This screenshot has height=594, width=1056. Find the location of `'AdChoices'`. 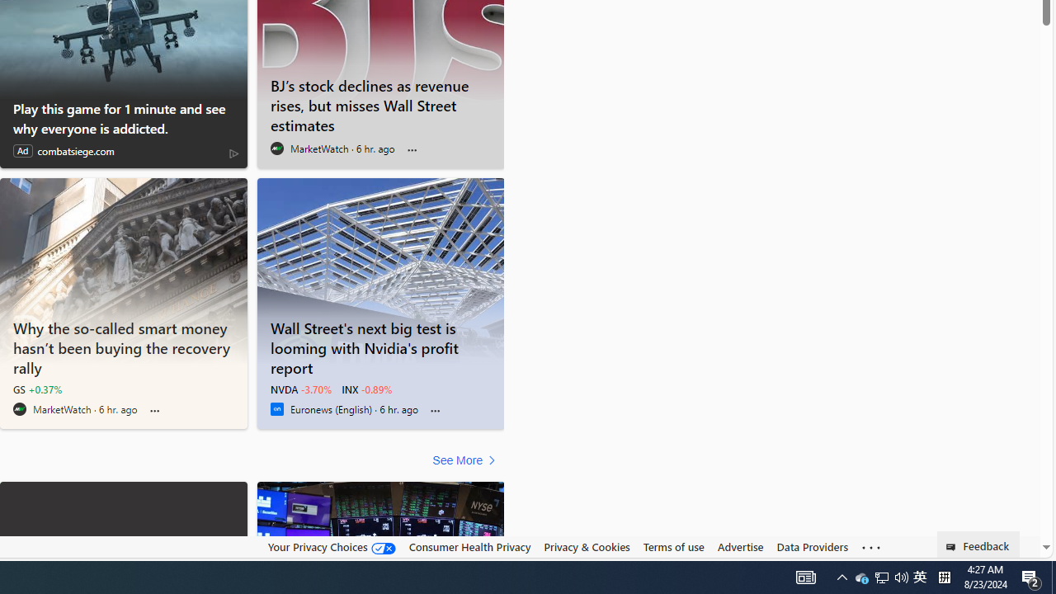

'AdChoices' is located at coordinates (233, 153).